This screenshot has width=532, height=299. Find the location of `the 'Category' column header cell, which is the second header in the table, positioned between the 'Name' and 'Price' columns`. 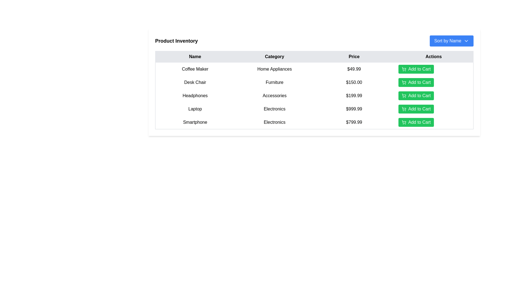

the 'Category' column header cell, which is the second header in the table, positioned between the 'Name' and 'Price' columns is located at coordinates (274, 56).